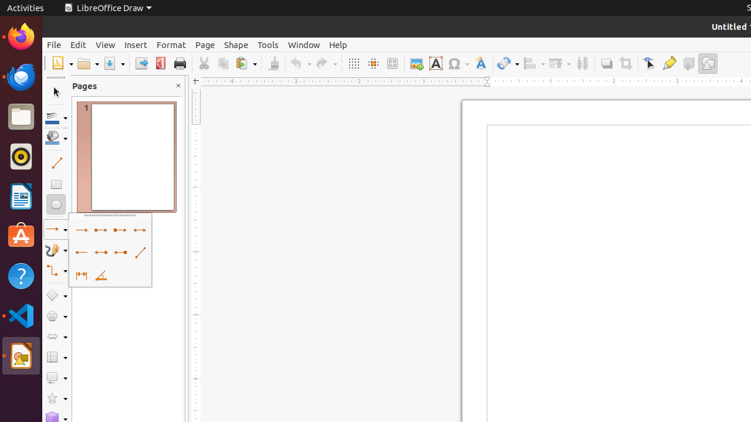 The height and width of the screenshot is (422, 751). I want to click on 'Clone', so click(272, 63).